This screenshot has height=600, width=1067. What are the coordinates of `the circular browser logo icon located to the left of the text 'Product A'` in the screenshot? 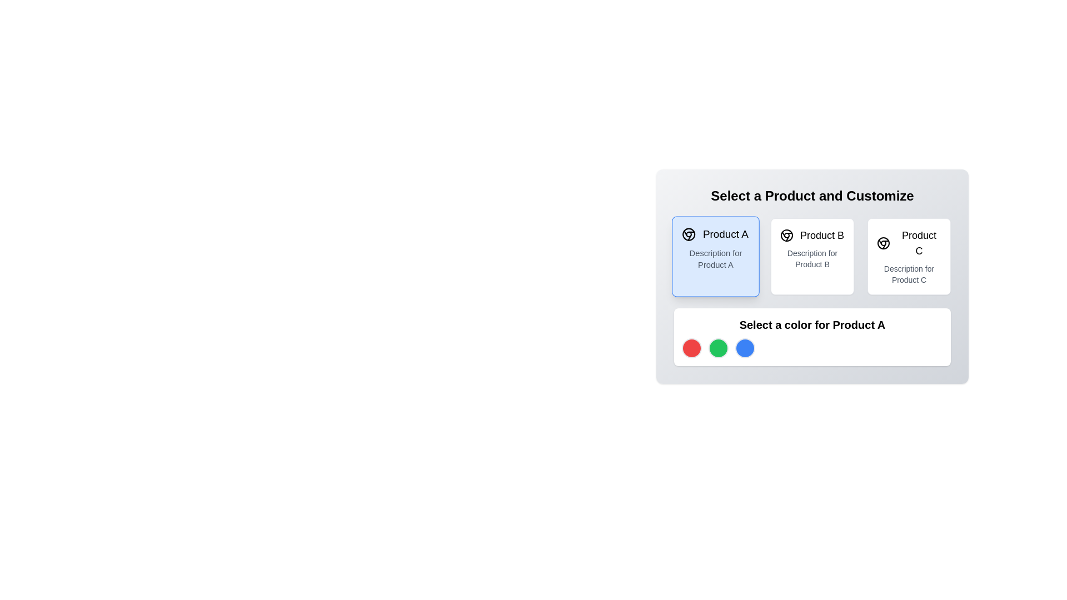 It's located at (688, 234).